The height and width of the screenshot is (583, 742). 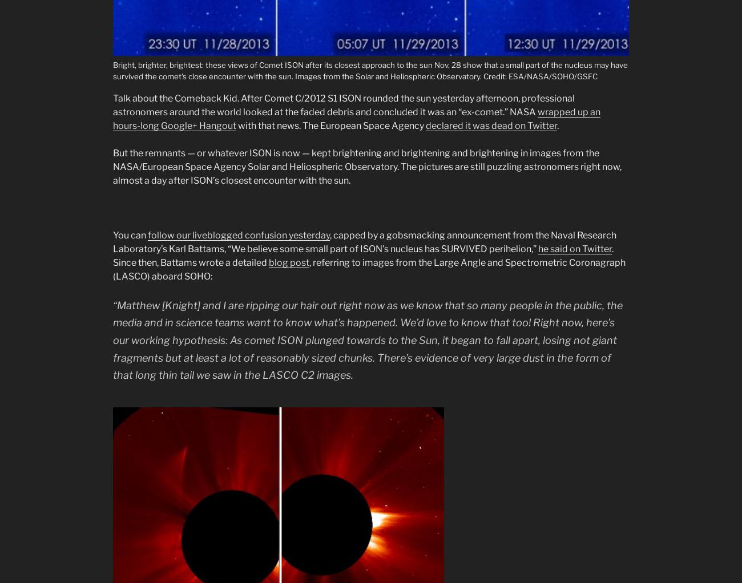 What do you see at coordinates (370, 70) in the screenshot?
I see `'Bright, brighter, brightest: these views of Comet ISON after its closest approach to the sun Nov. 28 show that a small part of the nucleus may have survived the comet's close encounter with the sun. Images from the Solar and Heliospheric Observatory. Credit: ESA/NASA/SOHO/GSFC'` at bounding box center [370, 70].